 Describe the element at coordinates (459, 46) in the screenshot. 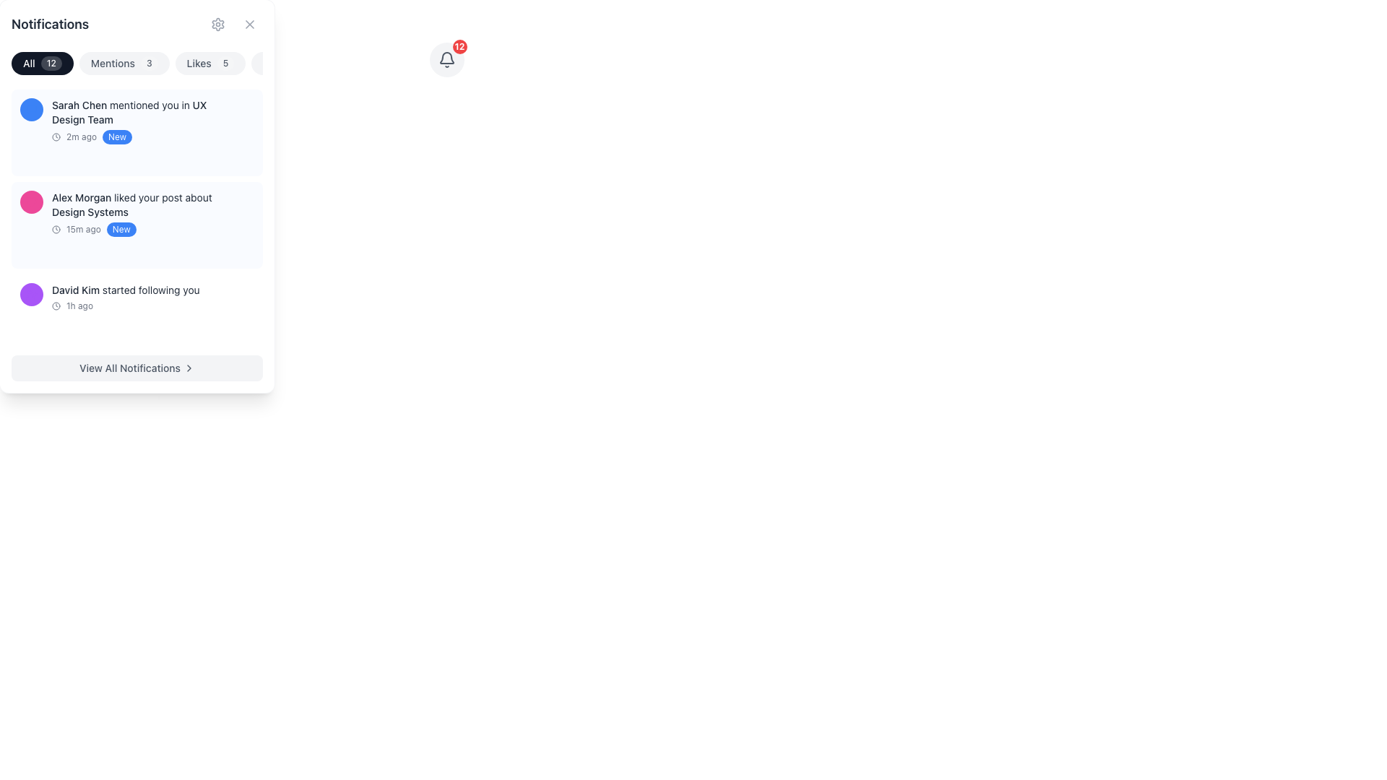

I see `the Notification badge located in the top-right corner of the interface that indicates the number of unread notifications` at that location.